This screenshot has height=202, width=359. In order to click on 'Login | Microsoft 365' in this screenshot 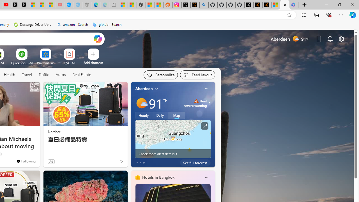, I will do `click(293, 5)`.